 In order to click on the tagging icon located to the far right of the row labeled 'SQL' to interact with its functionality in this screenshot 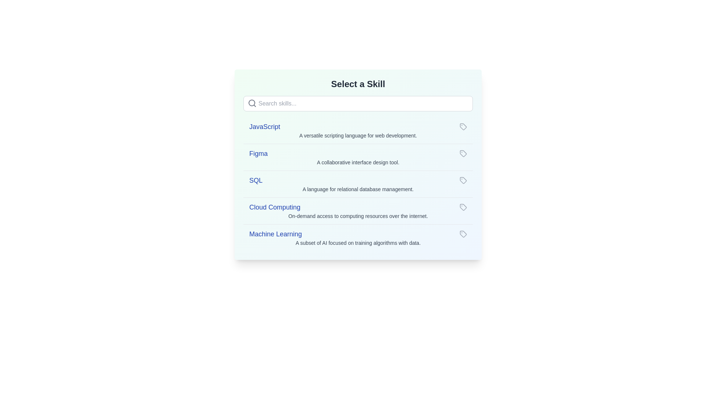, I will do `click(463, 180)`.